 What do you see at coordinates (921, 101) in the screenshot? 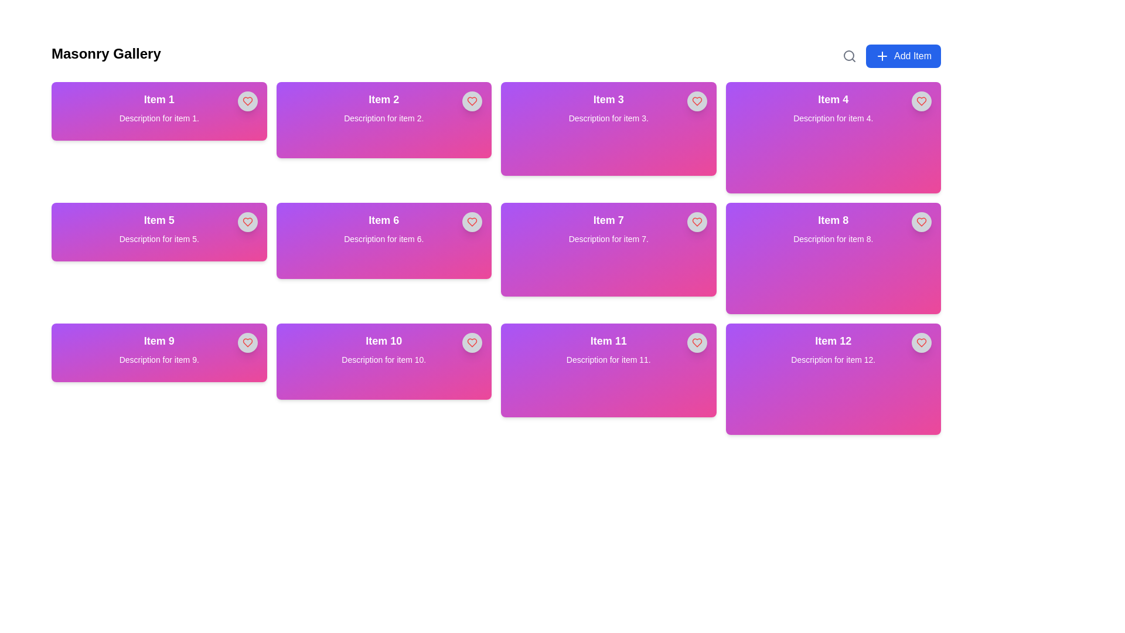
I see `the heart-shaped icon in the top-right corner of the card labeled 'Item 4' to favorite or like the associated item` at bounding box center [921, 101].